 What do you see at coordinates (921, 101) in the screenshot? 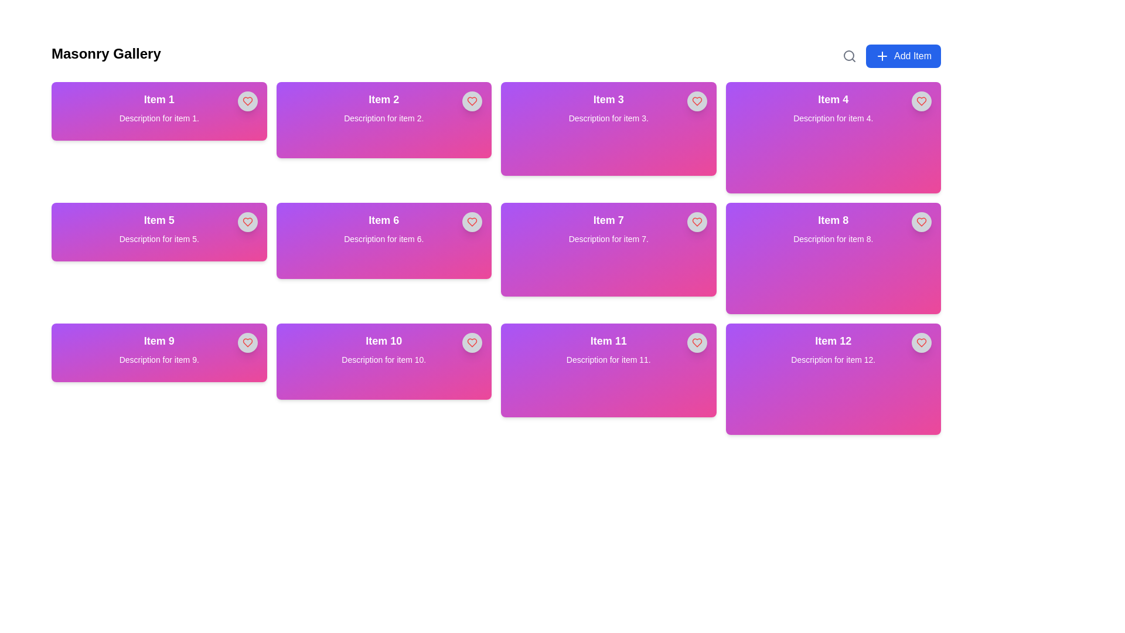
I see `the heart-shaped icon in the top-right corner of the card labeled 'Item 4' to favorite or like the associated item` at bounding box center [921, 101].